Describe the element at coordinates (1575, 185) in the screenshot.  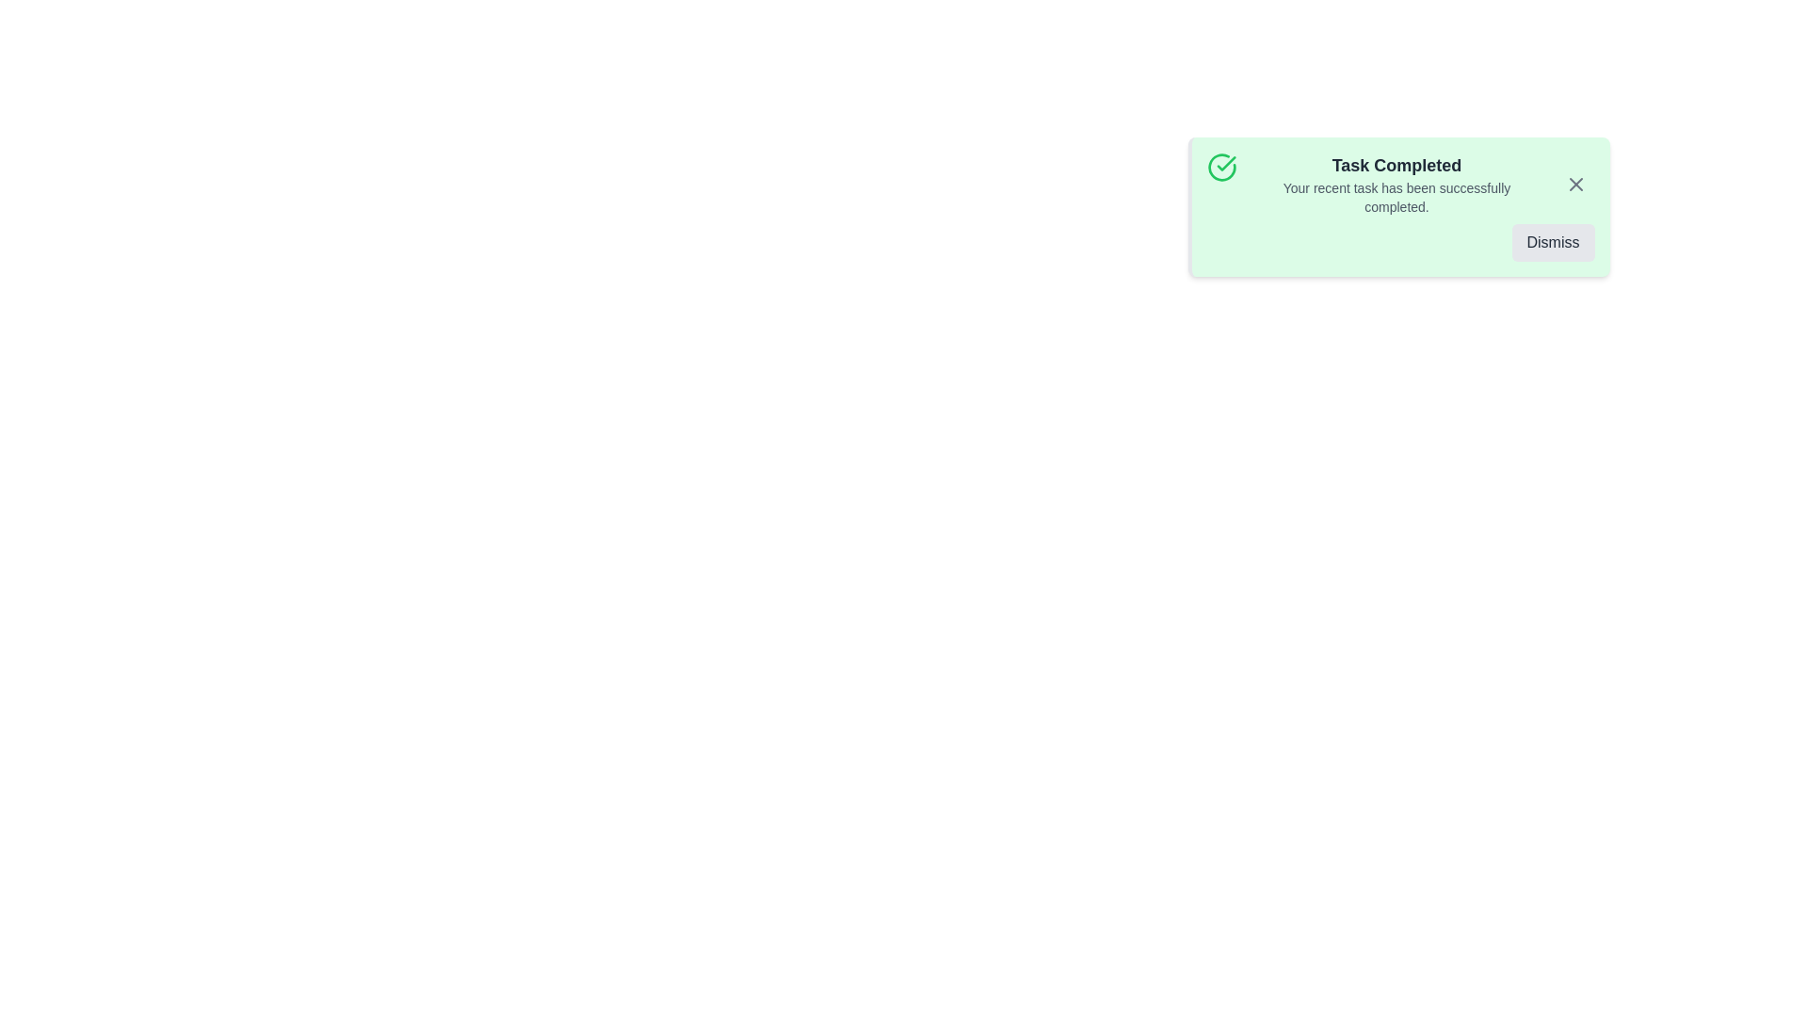
I see `the close button on the notification banner` at that location.